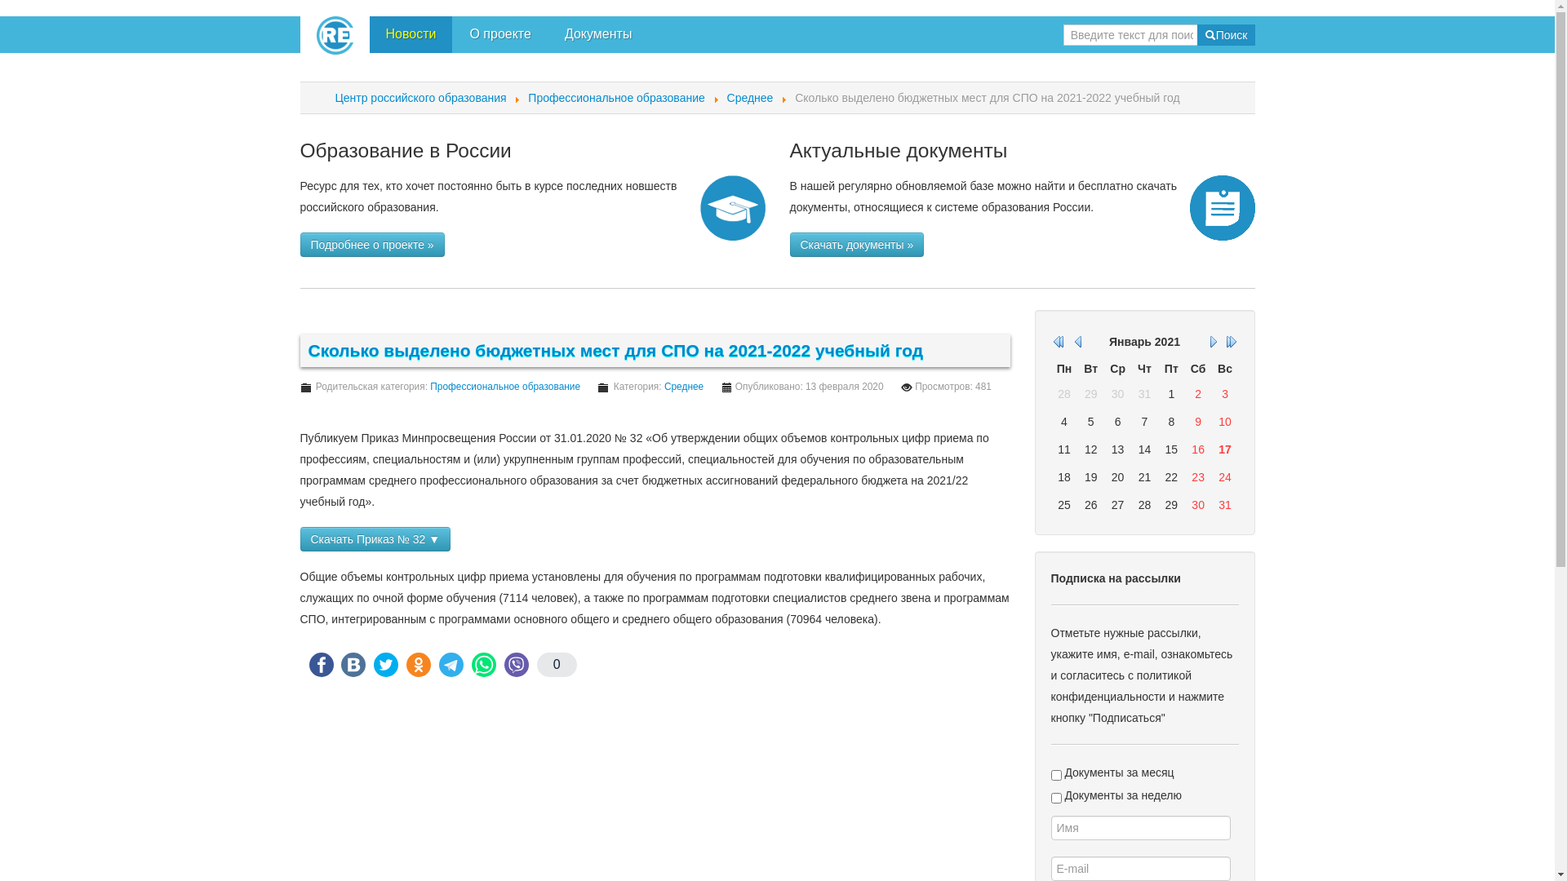 The image size is (1567, 881). What do you see at coordinates (516, 664) in the screenshot?
I see `'Viber'` at bounding box center [516, 664].